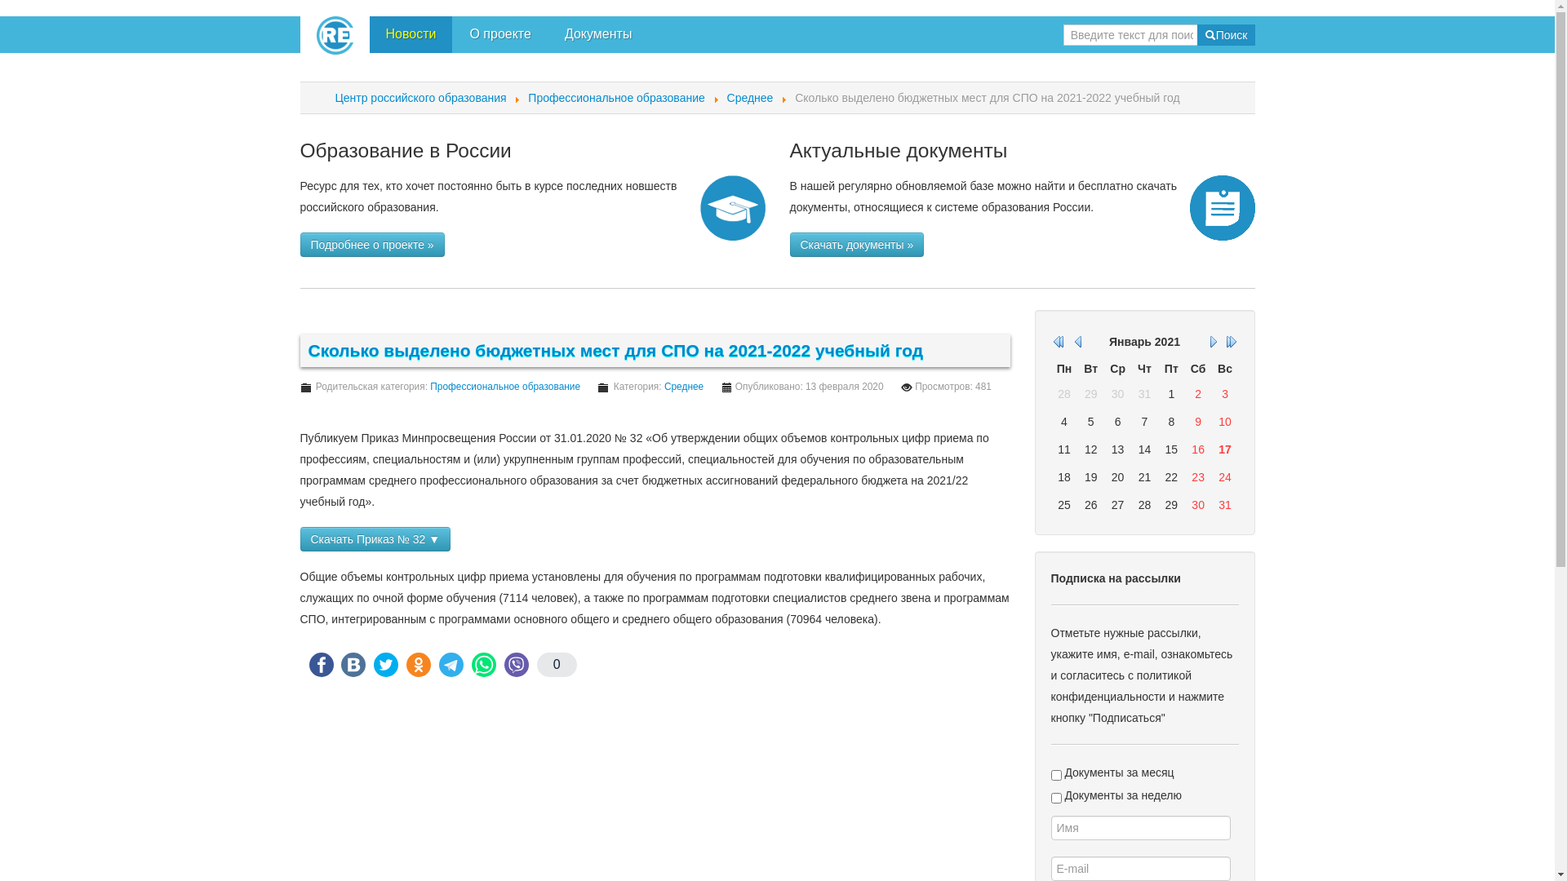 The image size is (1567, 881). What do you see at coordinates (516, 664) in the screenshot?
I see `'Viber'` at bounding box center [516, 664].